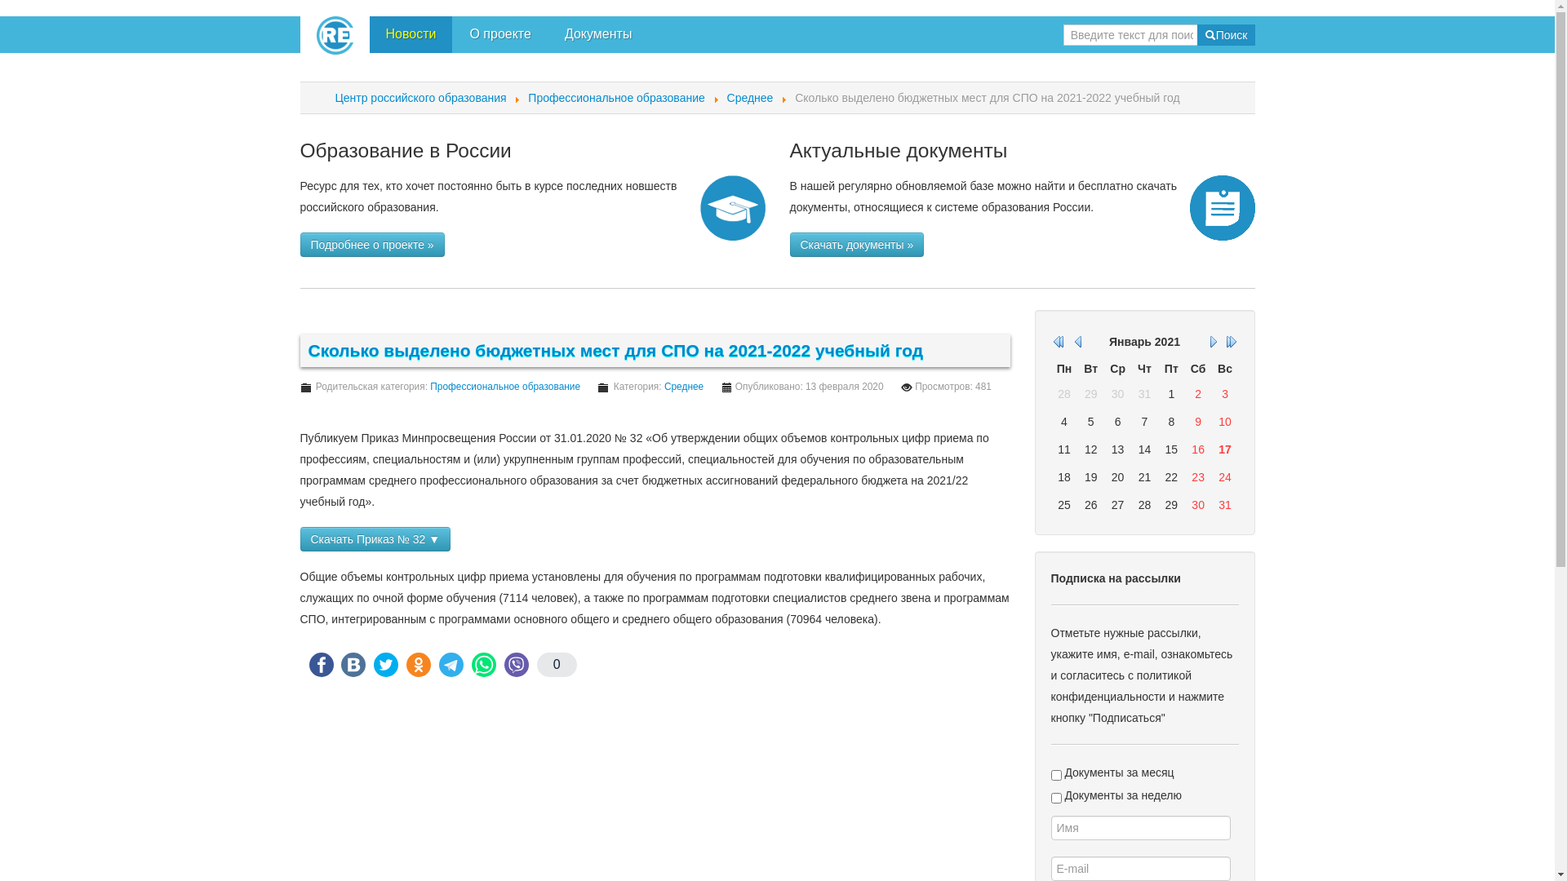 The image size is (1567, 881). What do you see at coordinates (516, 664) in the screenshot?
I see `'Viber'` at bounding box center [516, 664].